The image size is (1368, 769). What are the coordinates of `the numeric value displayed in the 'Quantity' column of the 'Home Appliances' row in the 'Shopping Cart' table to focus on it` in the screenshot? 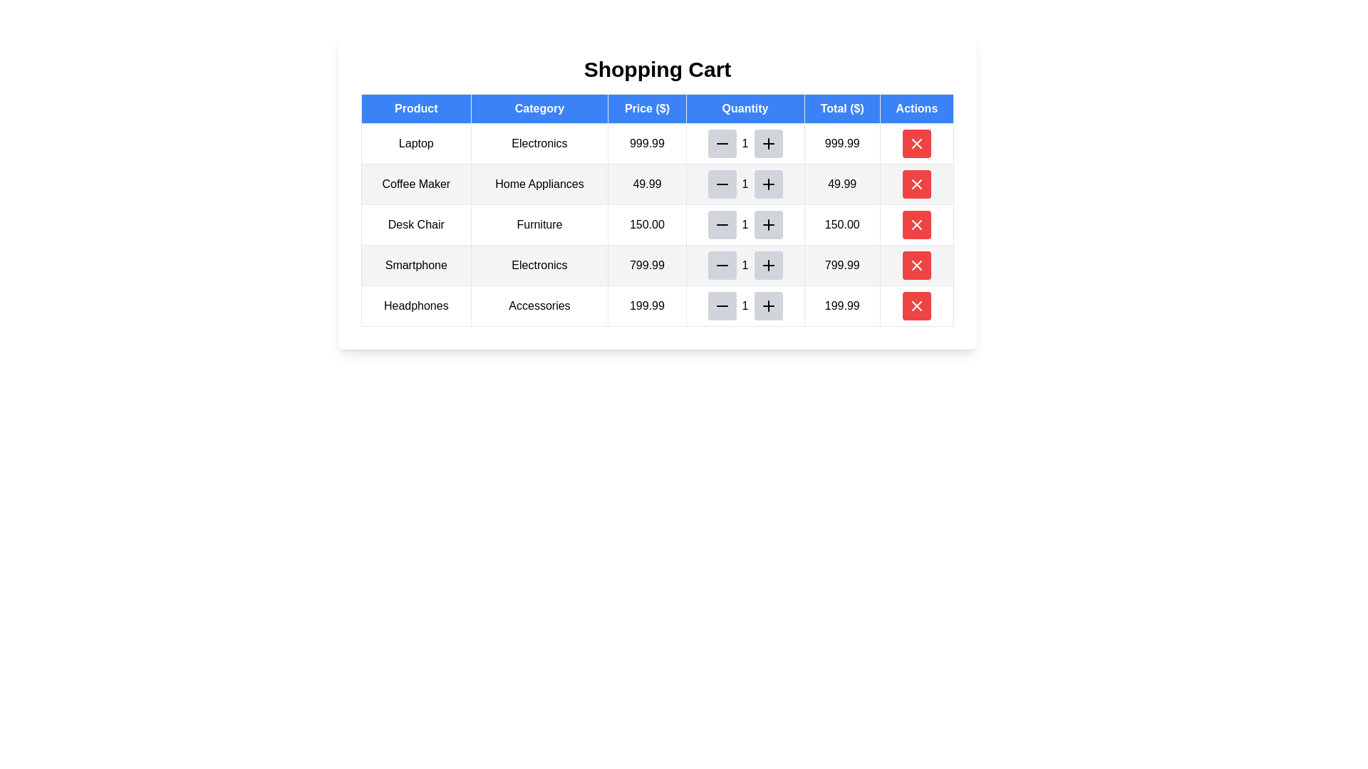 It's located at (745, 183).